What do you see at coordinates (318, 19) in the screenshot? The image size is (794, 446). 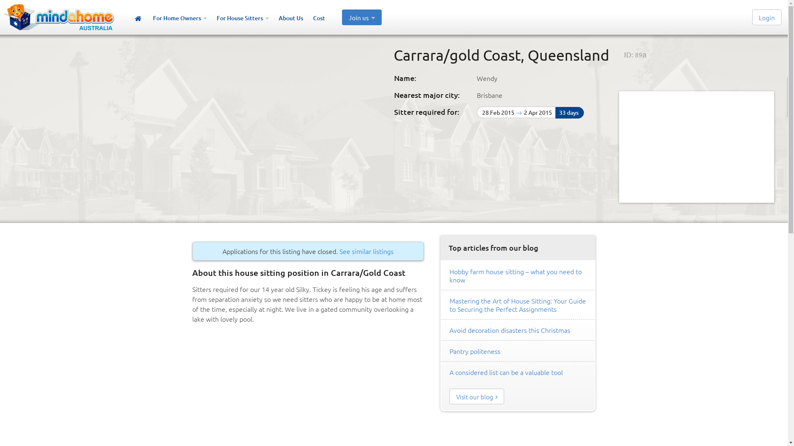 I see `'Cost'` at bounding box center [318, 19].